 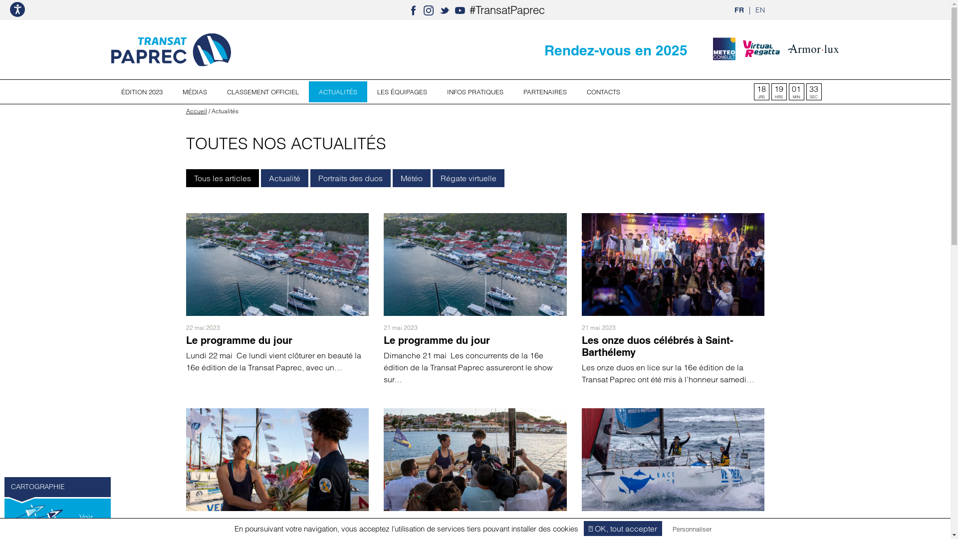 What do you see at coordinates (444, 9) in the screenshot?
I see `'Twitter'` at bounding box center [444, 9].